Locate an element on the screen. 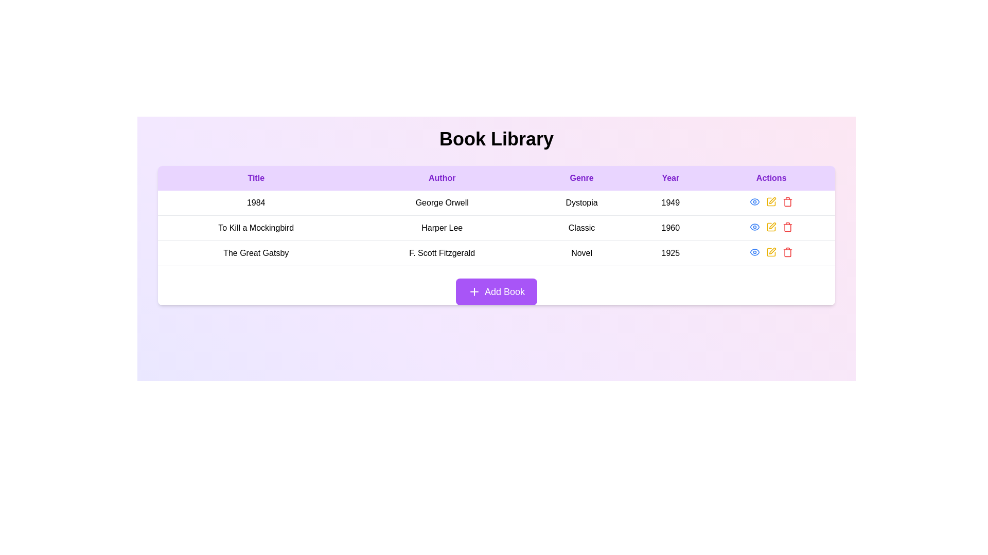 Image resolution: width=988 pixels, height=555 pixels. the trash can icon in the actions column of the last row is located at coordinates (787, 202).